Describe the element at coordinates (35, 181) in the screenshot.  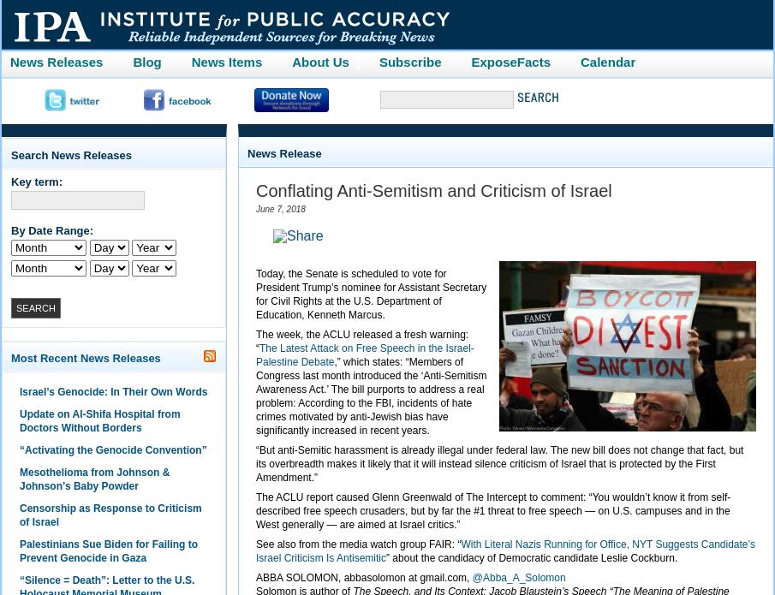
I see `'Key term:'` at that location.